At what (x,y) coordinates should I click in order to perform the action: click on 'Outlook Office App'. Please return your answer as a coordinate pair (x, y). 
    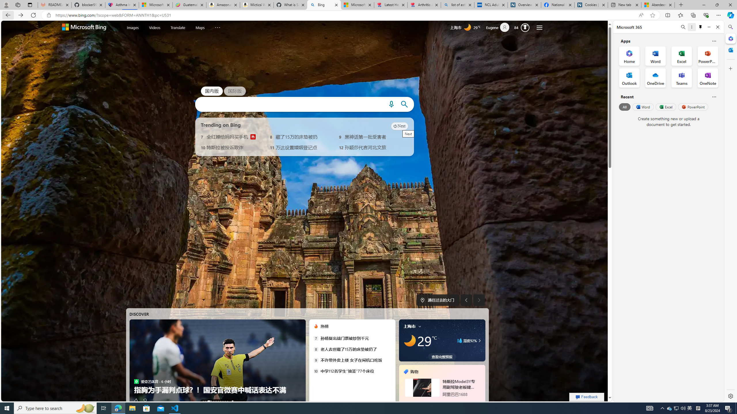
    Looking at the image, I should click on (629, 78).